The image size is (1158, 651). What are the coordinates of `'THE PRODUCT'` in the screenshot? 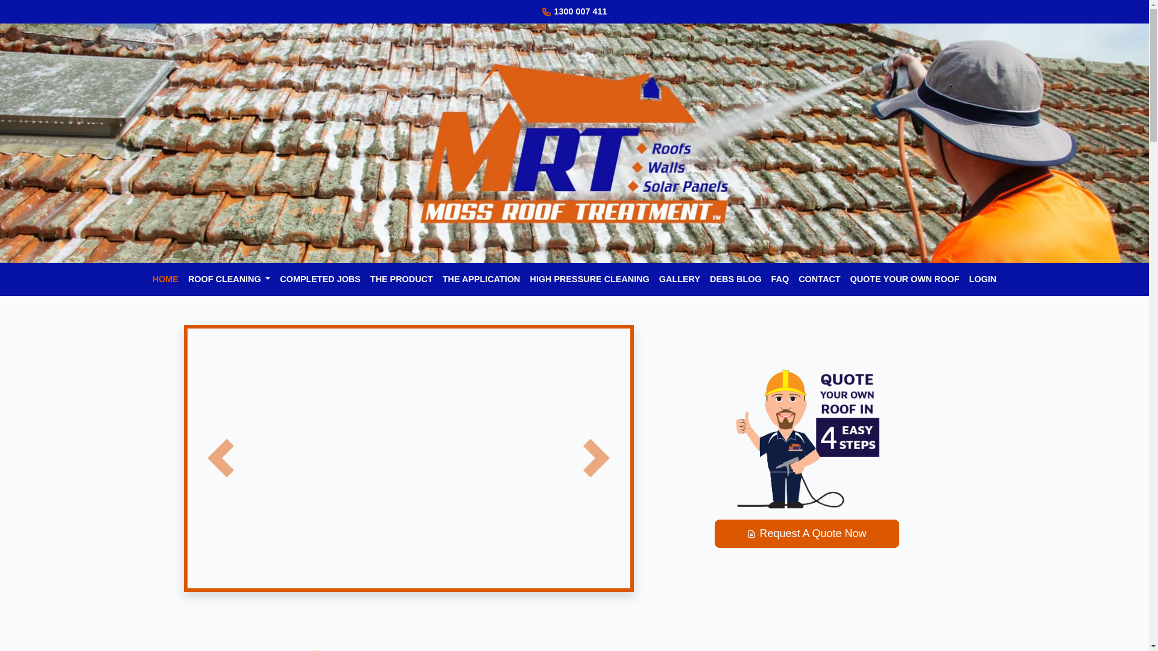 It's located at (364, 279).